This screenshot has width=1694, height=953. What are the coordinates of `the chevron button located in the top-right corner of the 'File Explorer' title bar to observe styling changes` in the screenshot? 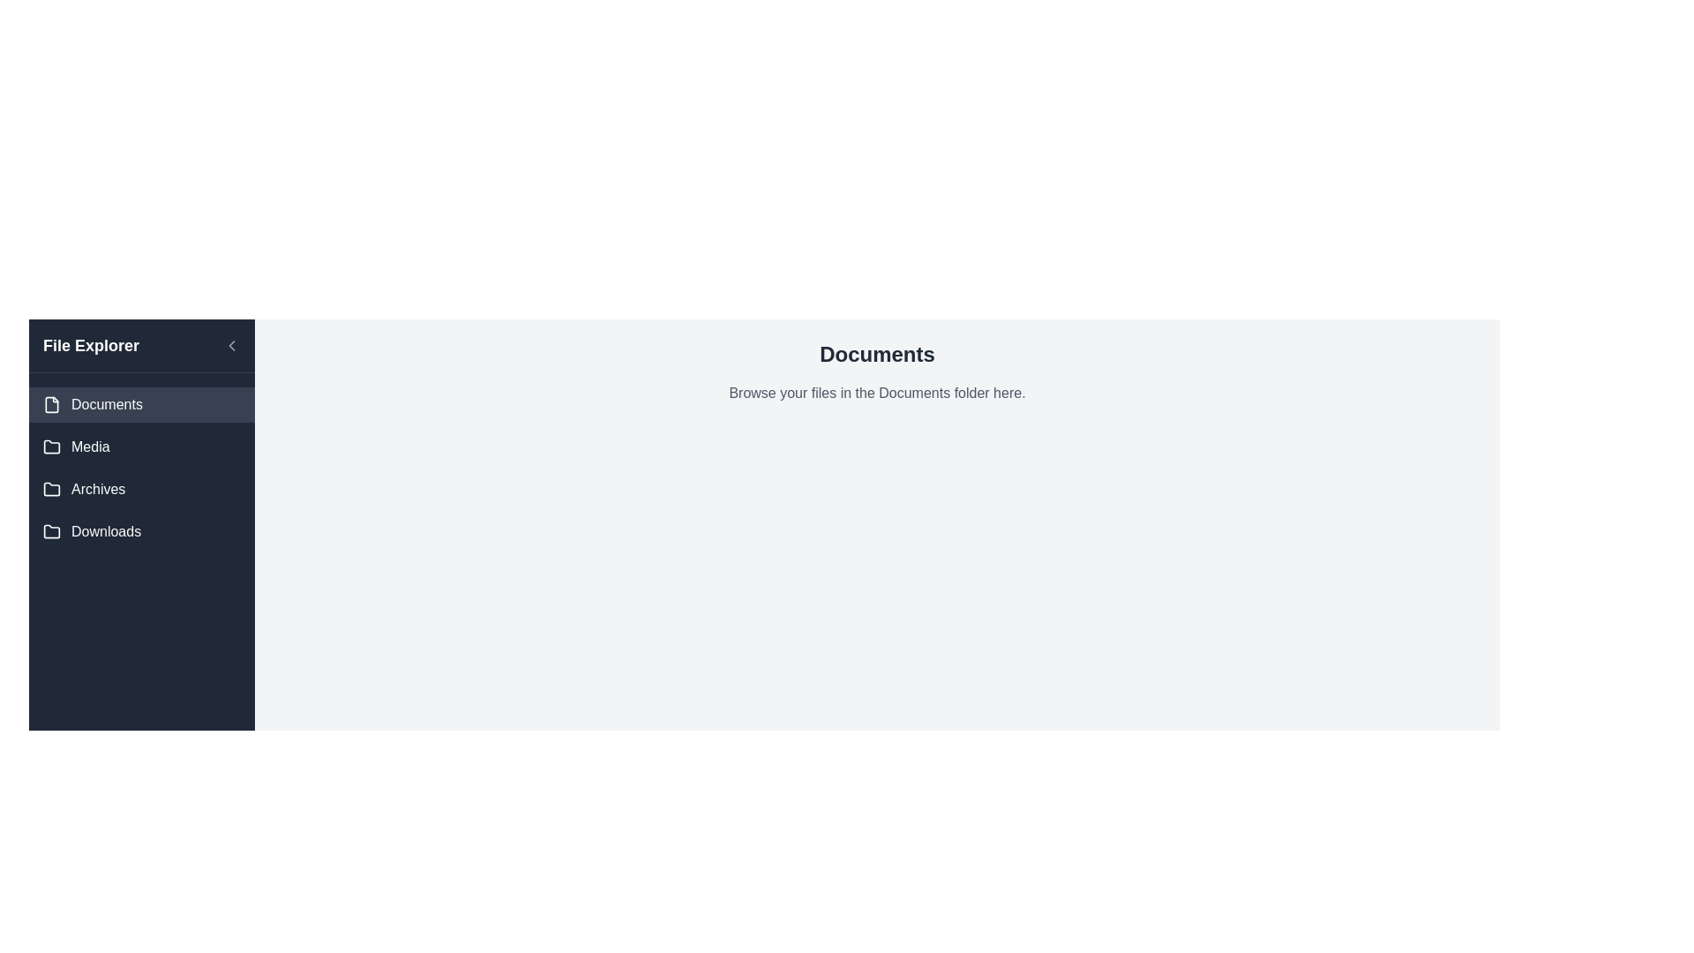 It's located at (231, 346).